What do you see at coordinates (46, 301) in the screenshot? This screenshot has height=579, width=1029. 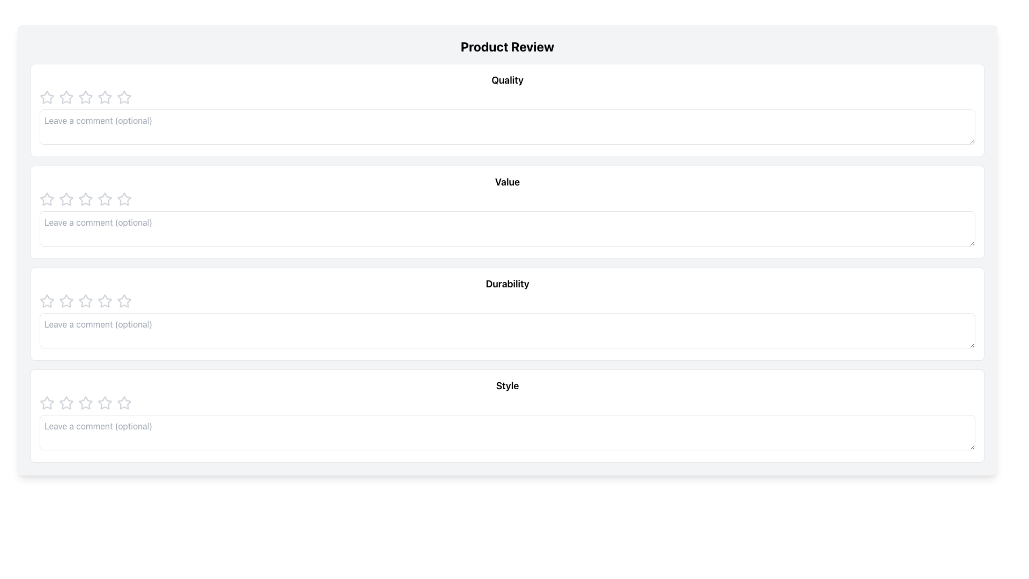 I see `the leftmost star rating icon in the Durability section` at bounding box center [46, 301].